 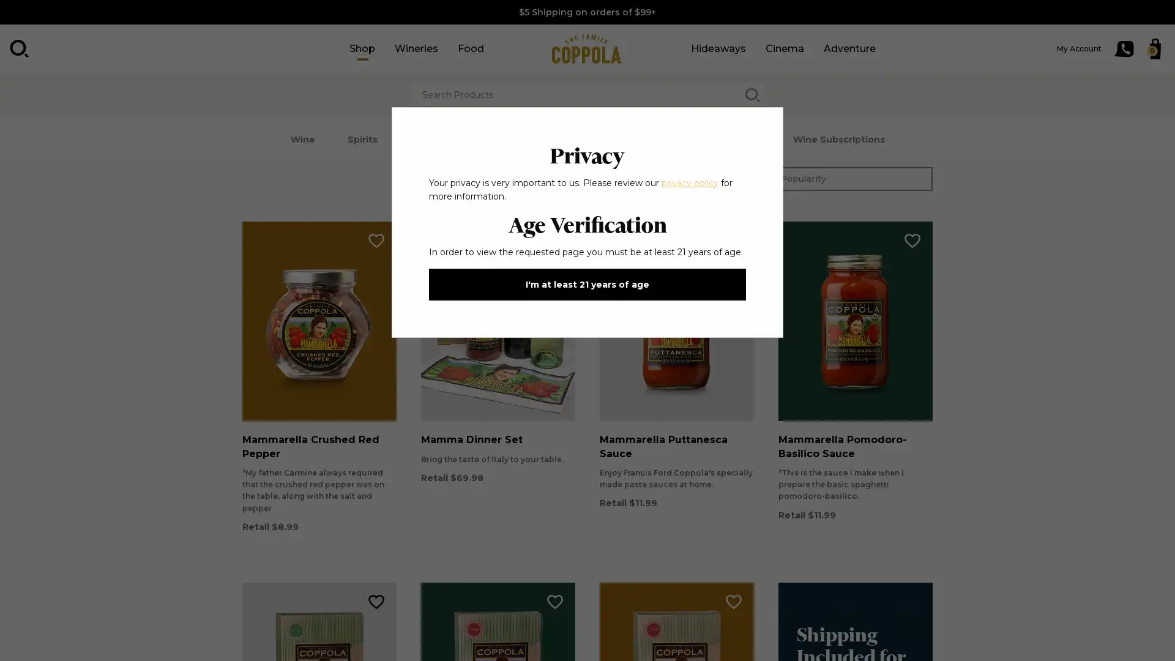 What do you see at coordinates (752, 94) in the screenshot?
I see `Search` at bounding box center [752, 94].